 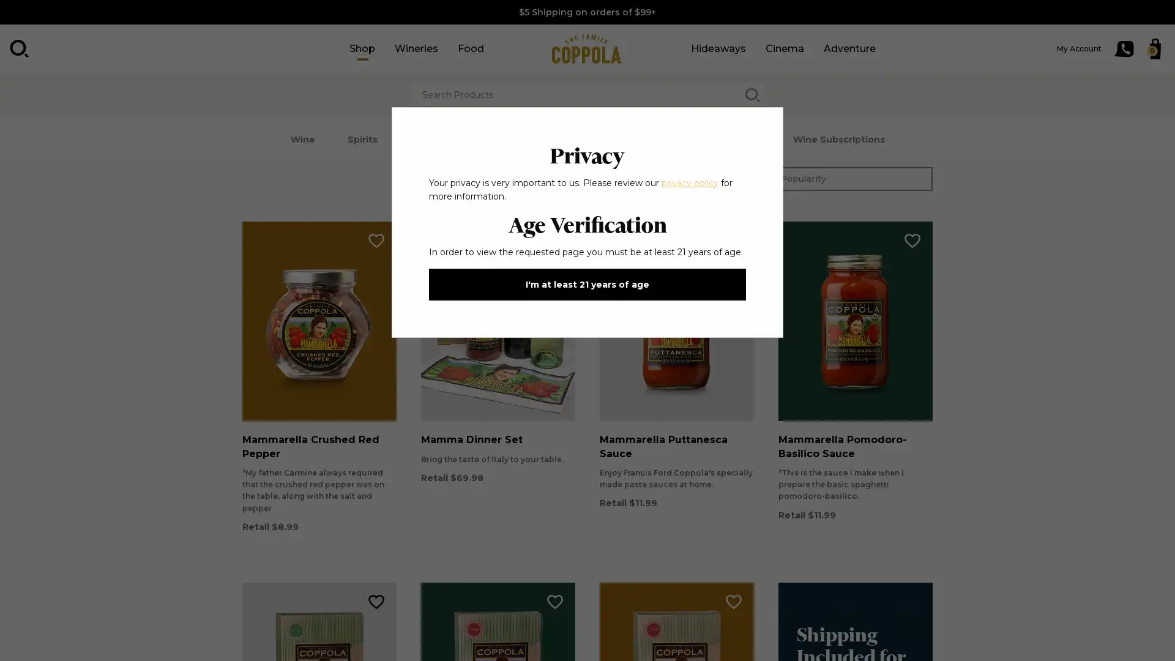 What do you see at coordinates (752, 94) in the screenshot?
I see `Search` at bounding box center [752, 94].